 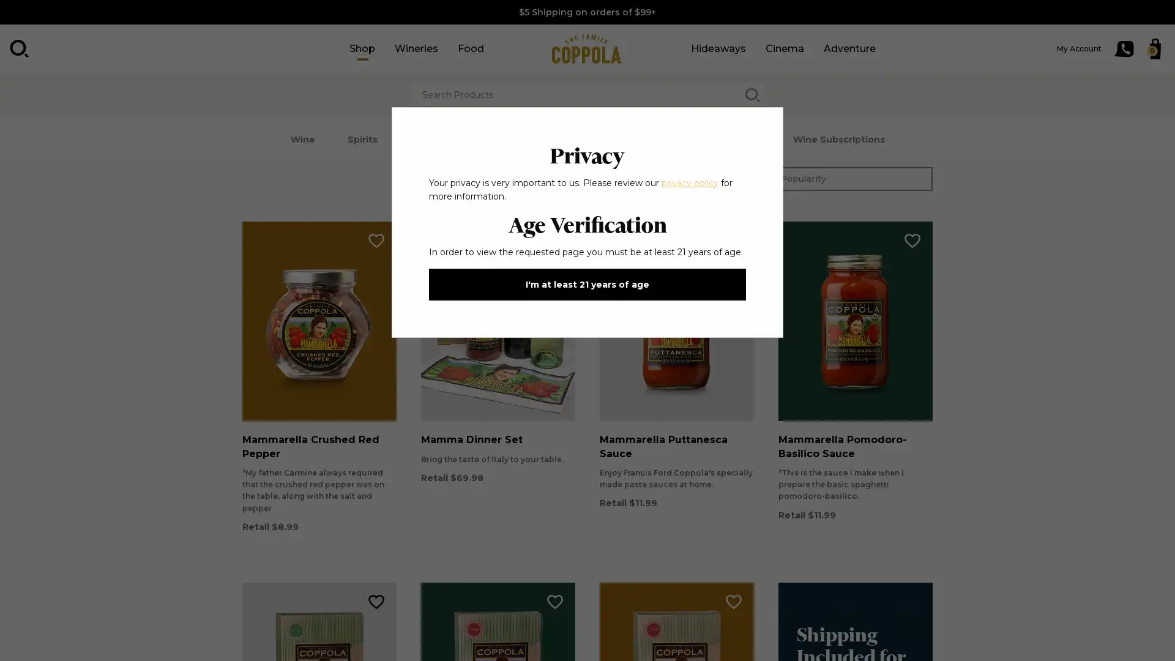 What do you see at coordinates (752, 94) in the screenshot?
I see `Search` at bounding box center [752, 94].